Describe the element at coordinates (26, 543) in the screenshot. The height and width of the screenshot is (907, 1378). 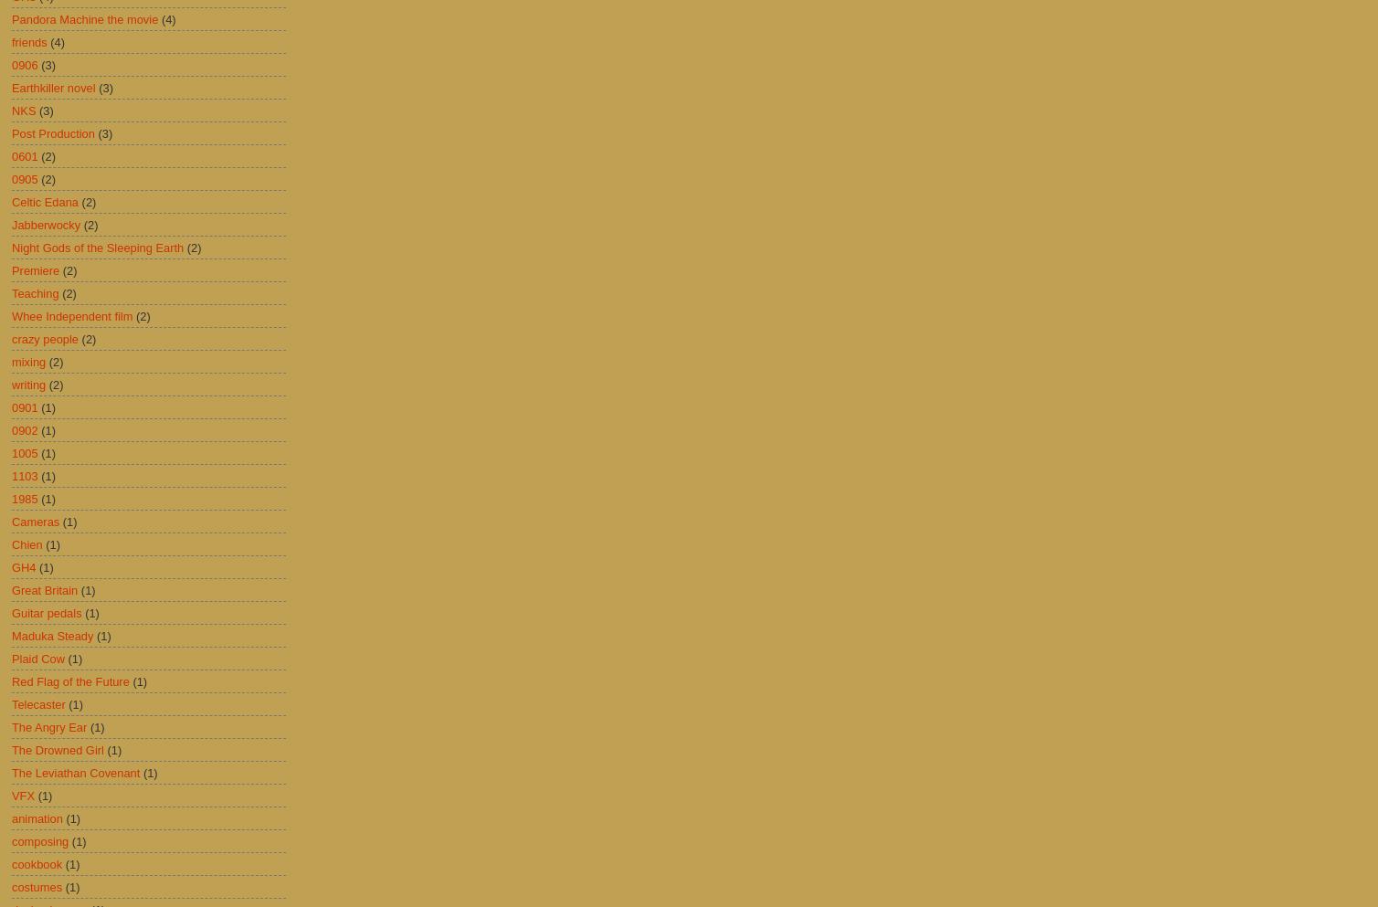
I see `'Chien'` at that location.